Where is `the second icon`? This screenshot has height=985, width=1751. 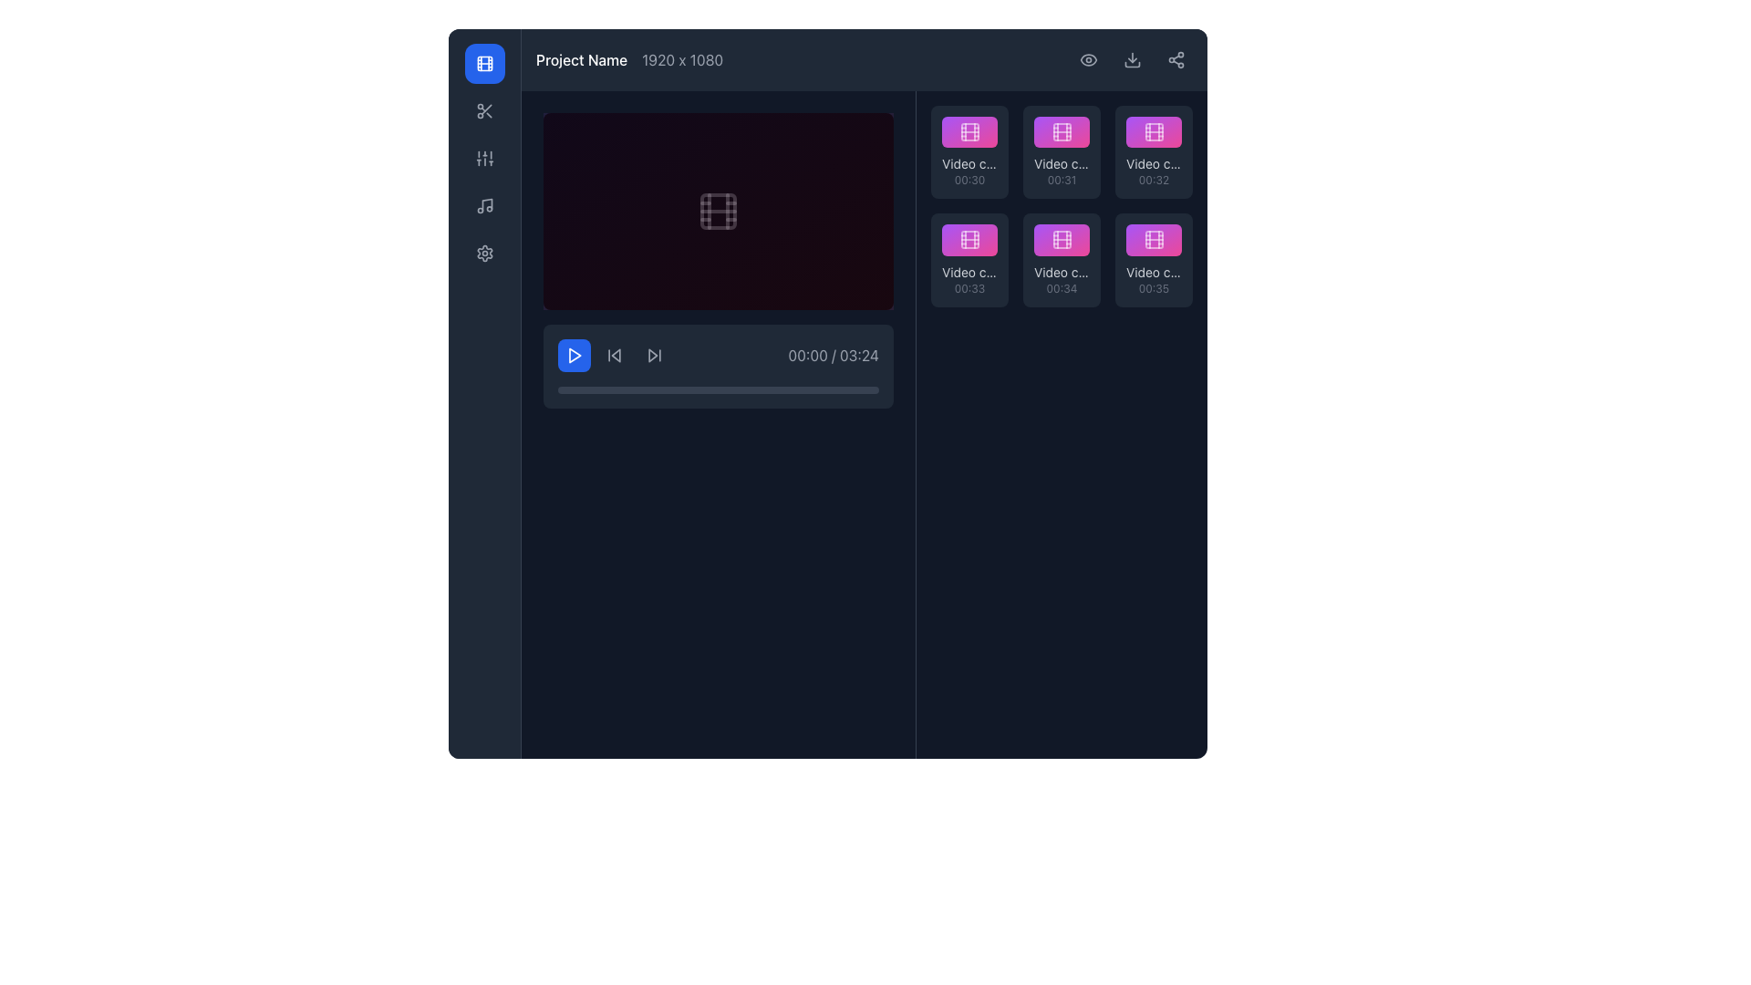
the second icon is located at coordinates (484, 205).